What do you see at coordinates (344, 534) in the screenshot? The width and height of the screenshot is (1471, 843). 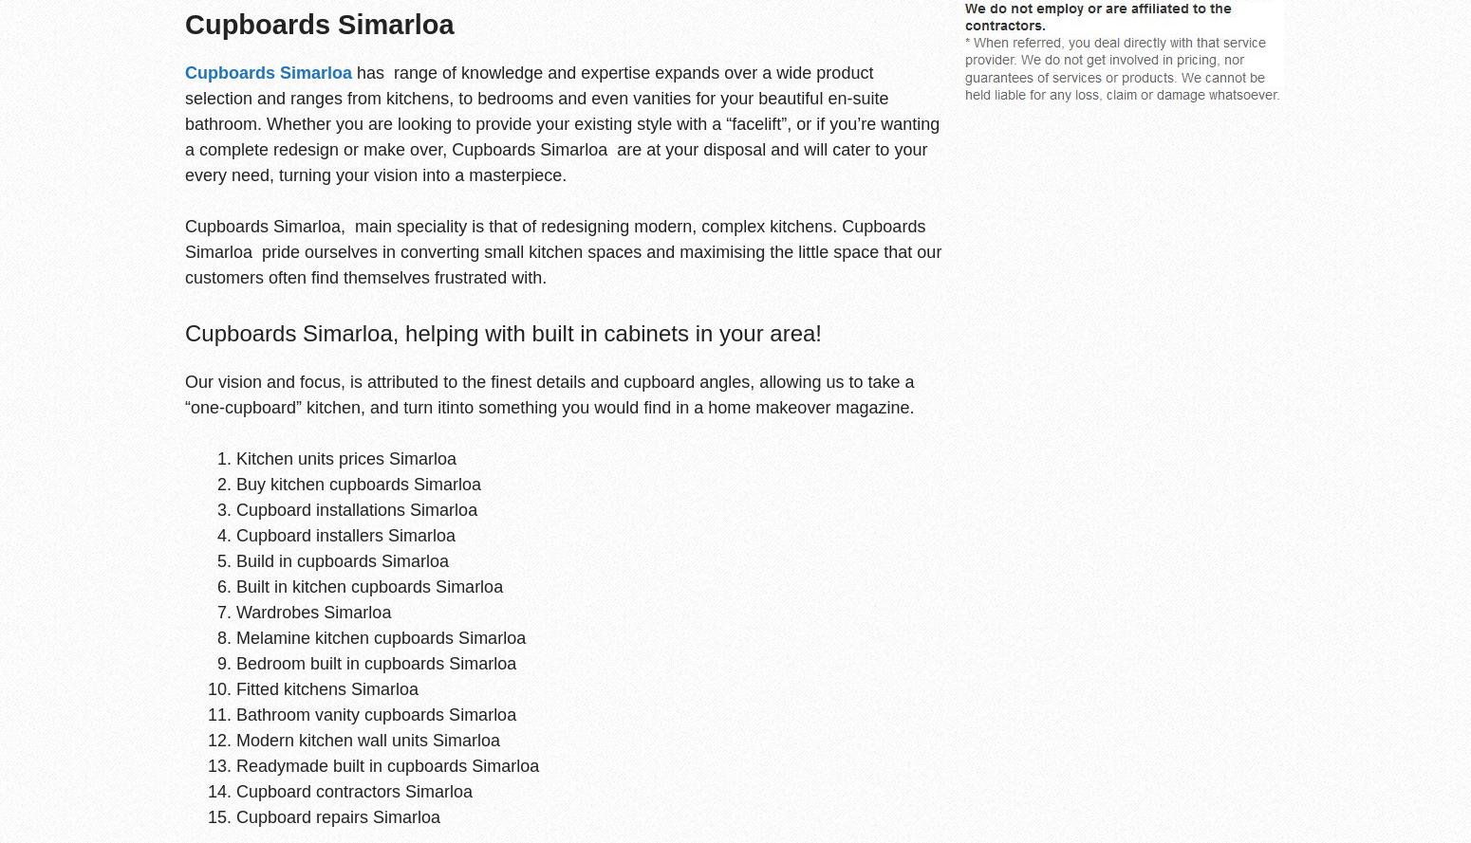 I see `'Cupboard installers Simarloa'` at bounding box center [344, 534].